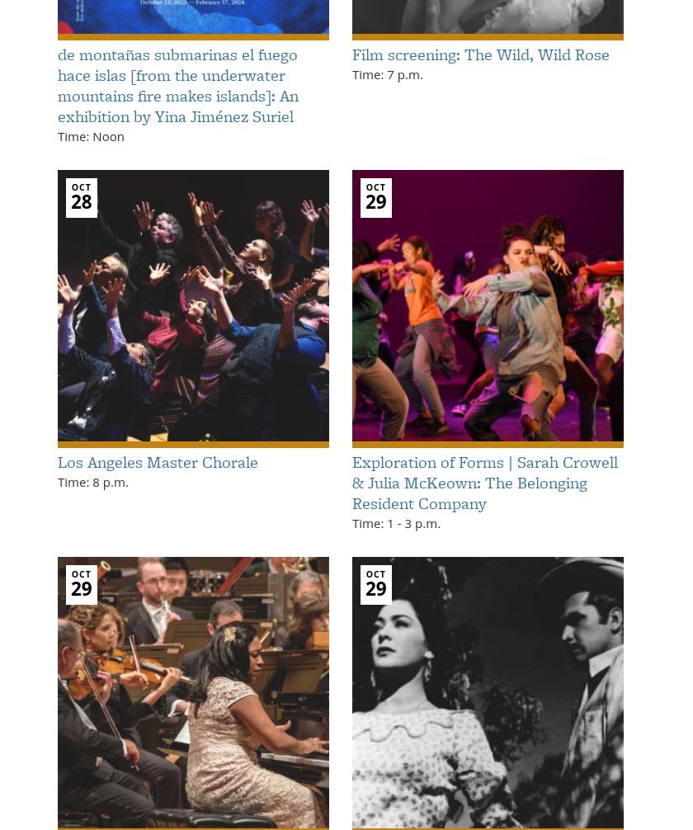 The width and height of the screenshot is (693, 830). What do you see at coordinates (351, 53) in the screenshot?
I see `'Film screening: The Wild, Wild Rose'` at bounding box center [351, 53].